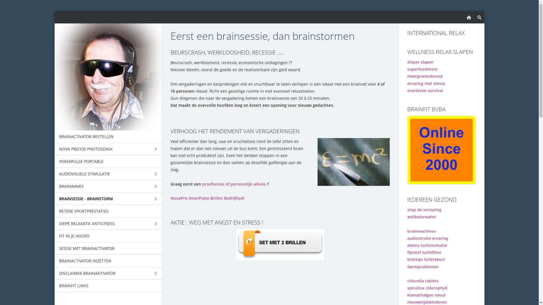 Image resolution: width=543 pixels, height=305 pixels. I want to click on 'BRAINSESSIE - BRAINSTORM', so click(108, 199).